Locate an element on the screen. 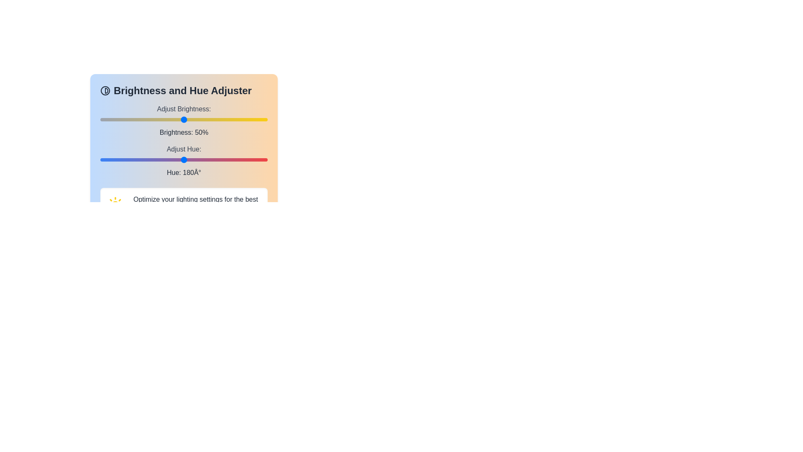  the hue to 99 degrees by moving the slider is located at coordinates (146, 159).